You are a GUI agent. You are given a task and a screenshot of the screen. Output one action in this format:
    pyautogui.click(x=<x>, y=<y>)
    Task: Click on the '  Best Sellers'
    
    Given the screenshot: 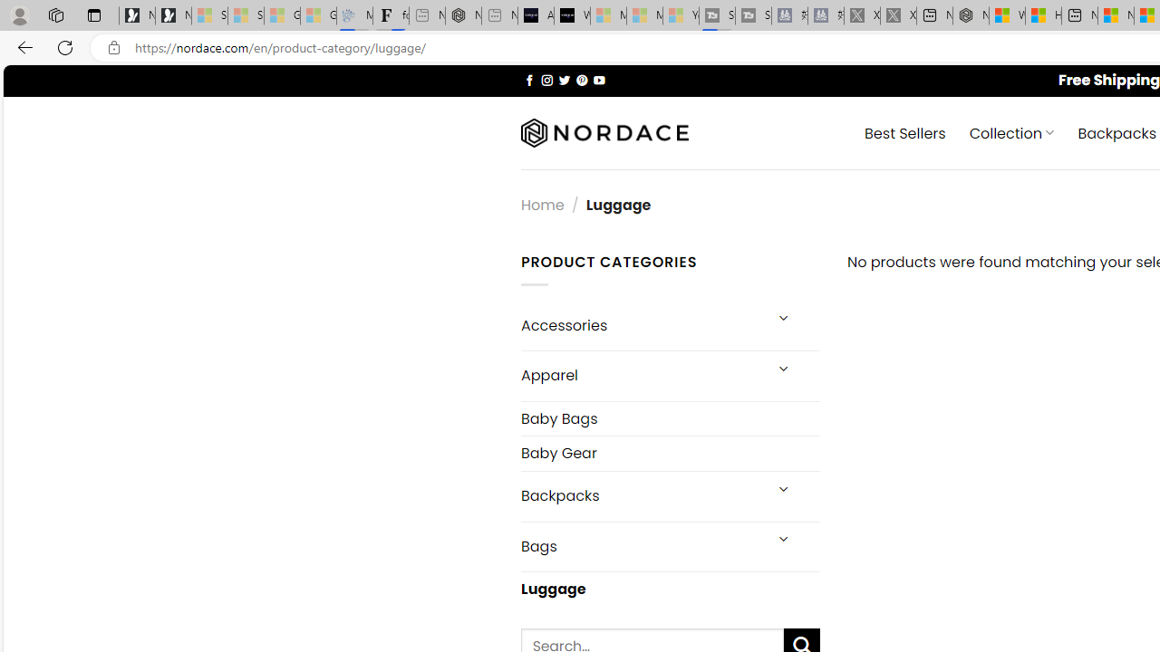 What is the action you would take?
    pyautogui.click(x=905, y=131)
    